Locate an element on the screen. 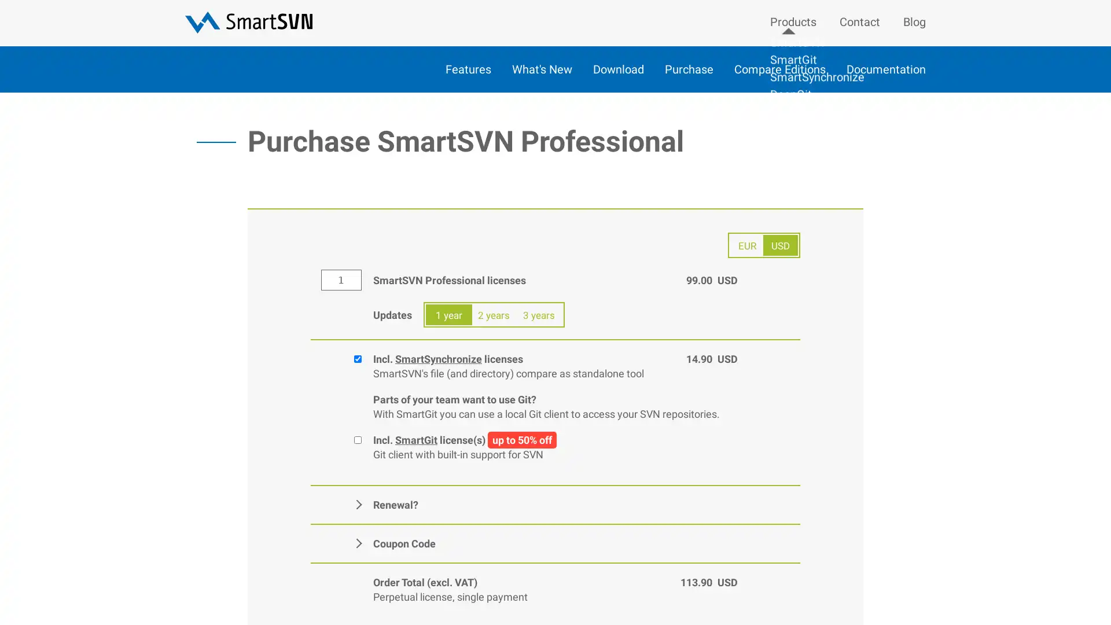  Drag your license here or   choose file is located at coordinates (469, 532).